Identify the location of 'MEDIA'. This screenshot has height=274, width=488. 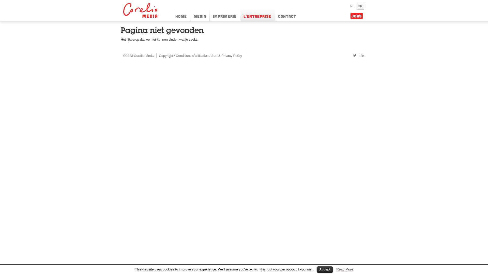
(200, 14).